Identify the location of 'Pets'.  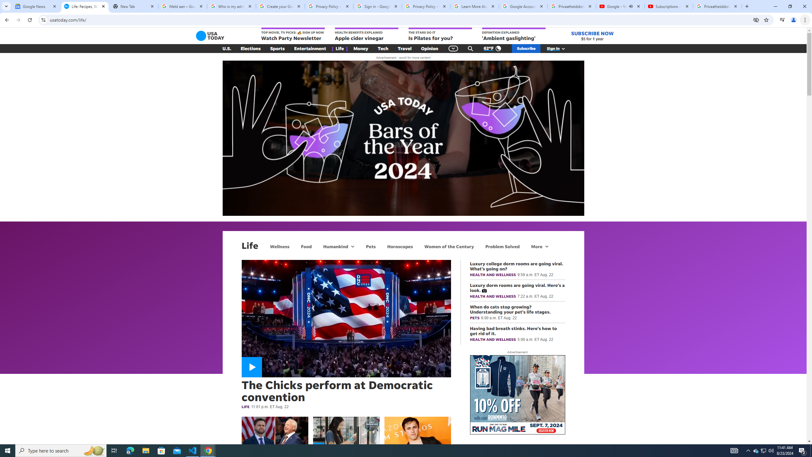
(370, 246).